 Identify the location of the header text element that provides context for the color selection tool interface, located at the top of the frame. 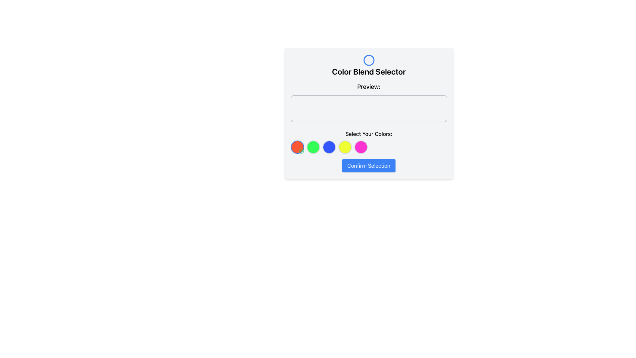
(368, 72).